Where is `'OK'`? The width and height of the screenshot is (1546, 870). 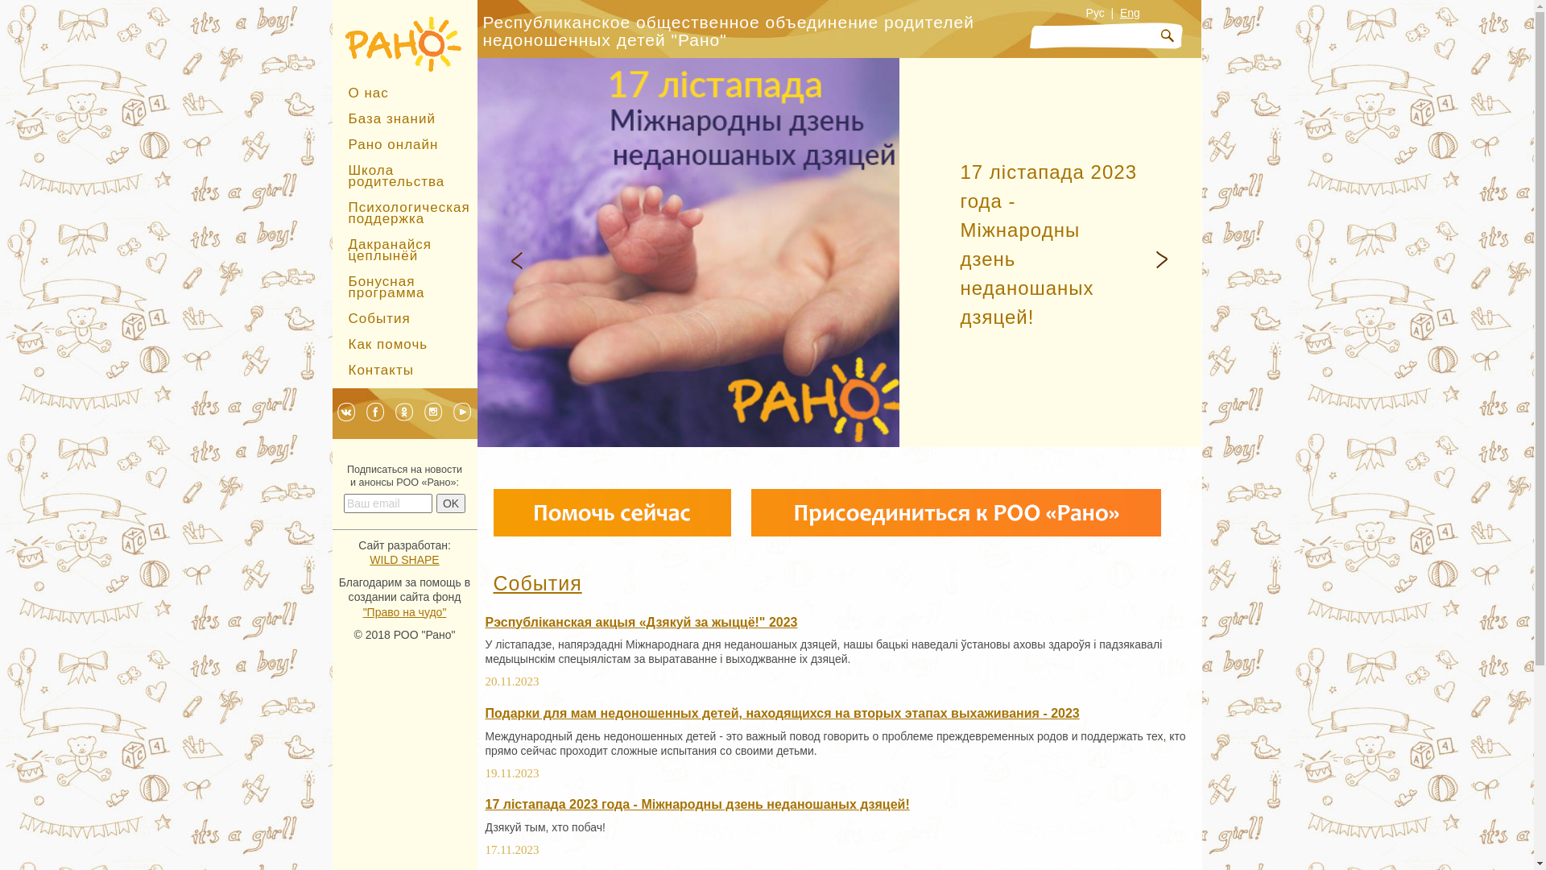 'OK' is located at coordinates (451, 502).